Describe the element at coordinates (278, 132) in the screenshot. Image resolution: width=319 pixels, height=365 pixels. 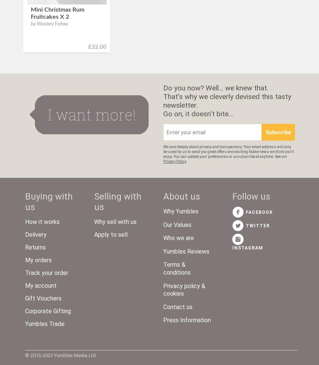
I see `'Subscribe'` at that location.